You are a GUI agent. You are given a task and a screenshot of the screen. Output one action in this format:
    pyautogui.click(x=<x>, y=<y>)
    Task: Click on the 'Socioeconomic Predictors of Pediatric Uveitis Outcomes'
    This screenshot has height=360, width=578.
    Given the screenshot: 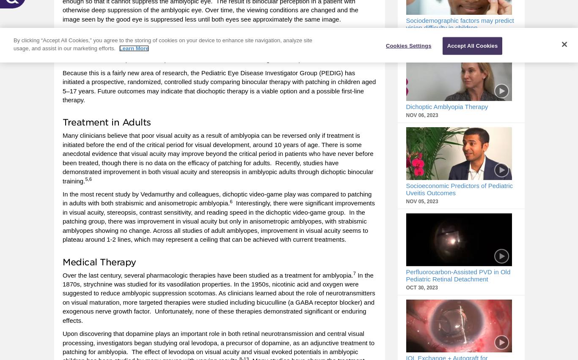 What is the action you would take?
    pyautogui.click(x=459, y=188)
    